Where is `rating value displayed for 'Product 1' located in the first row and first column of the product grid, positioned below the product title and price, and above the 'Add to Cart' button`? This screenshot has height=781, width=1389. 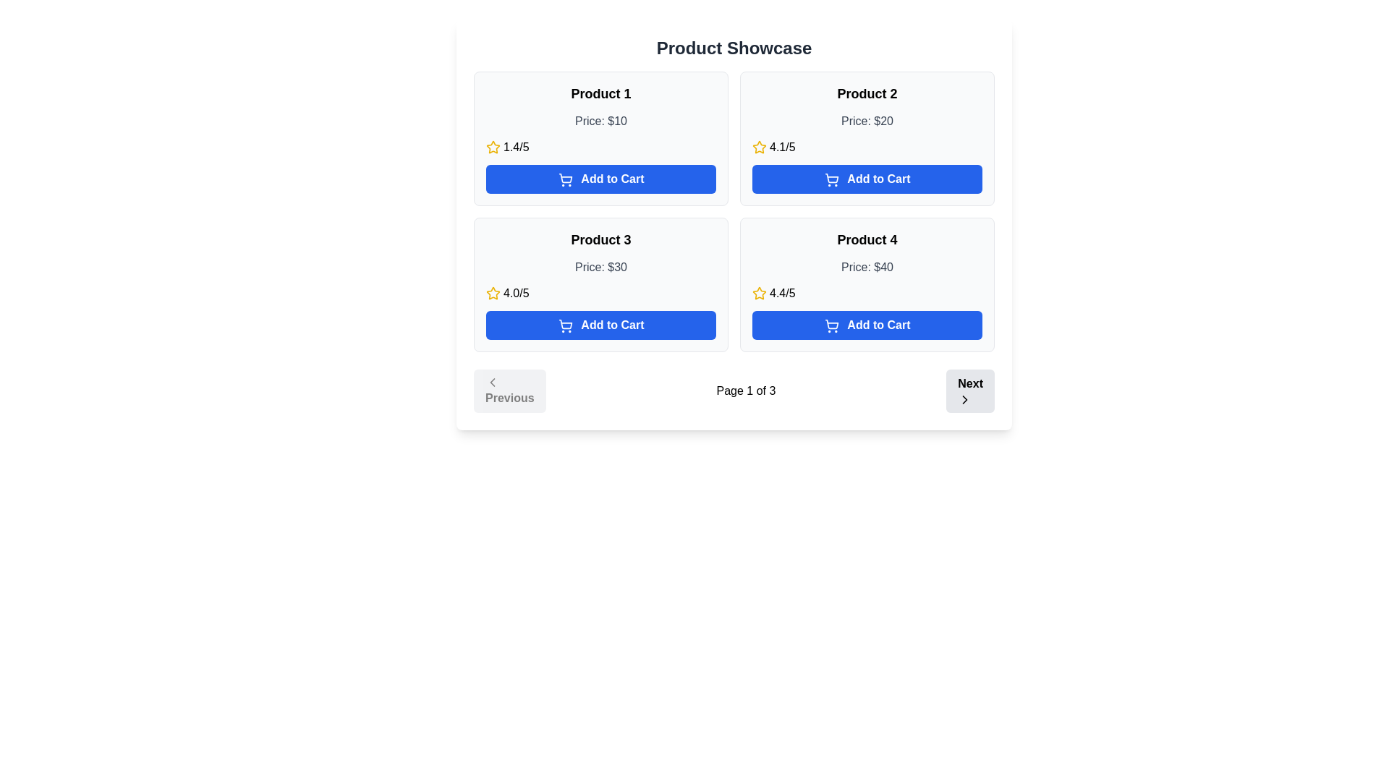
rating value displayed for 'Product 1' located in the first row and first column of the product grid, positioned below the product title and price, and above the 'Add to Cart' button is located at coordinates (600, 148).